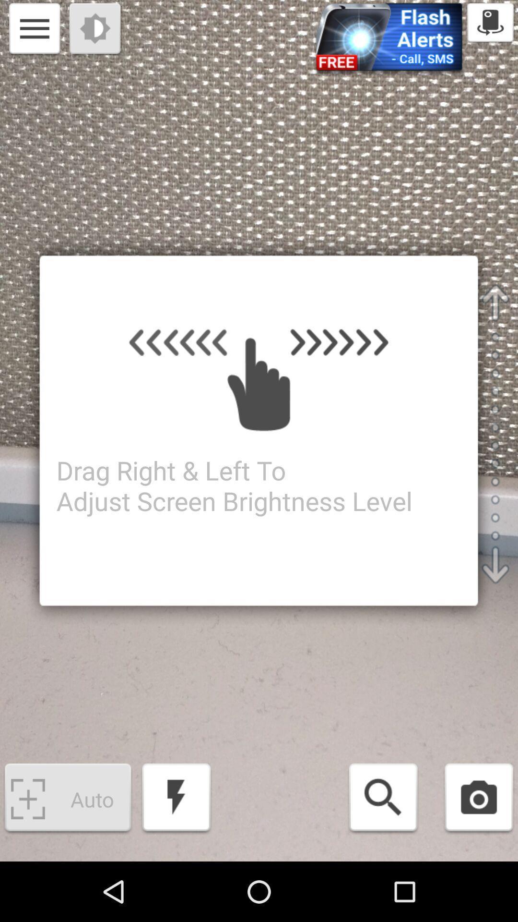  I want to click on open the side menu, so click(34, 30).